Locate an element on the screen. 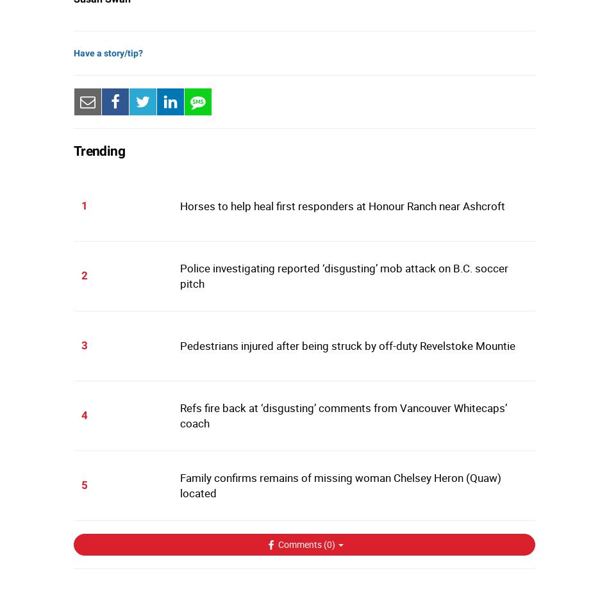 Image resolution: width=609 pixels, height=612 pixels. 'Horses to help heal first responders at Honour Ranch near Ashcroft' is located at coordinates (342, 205).